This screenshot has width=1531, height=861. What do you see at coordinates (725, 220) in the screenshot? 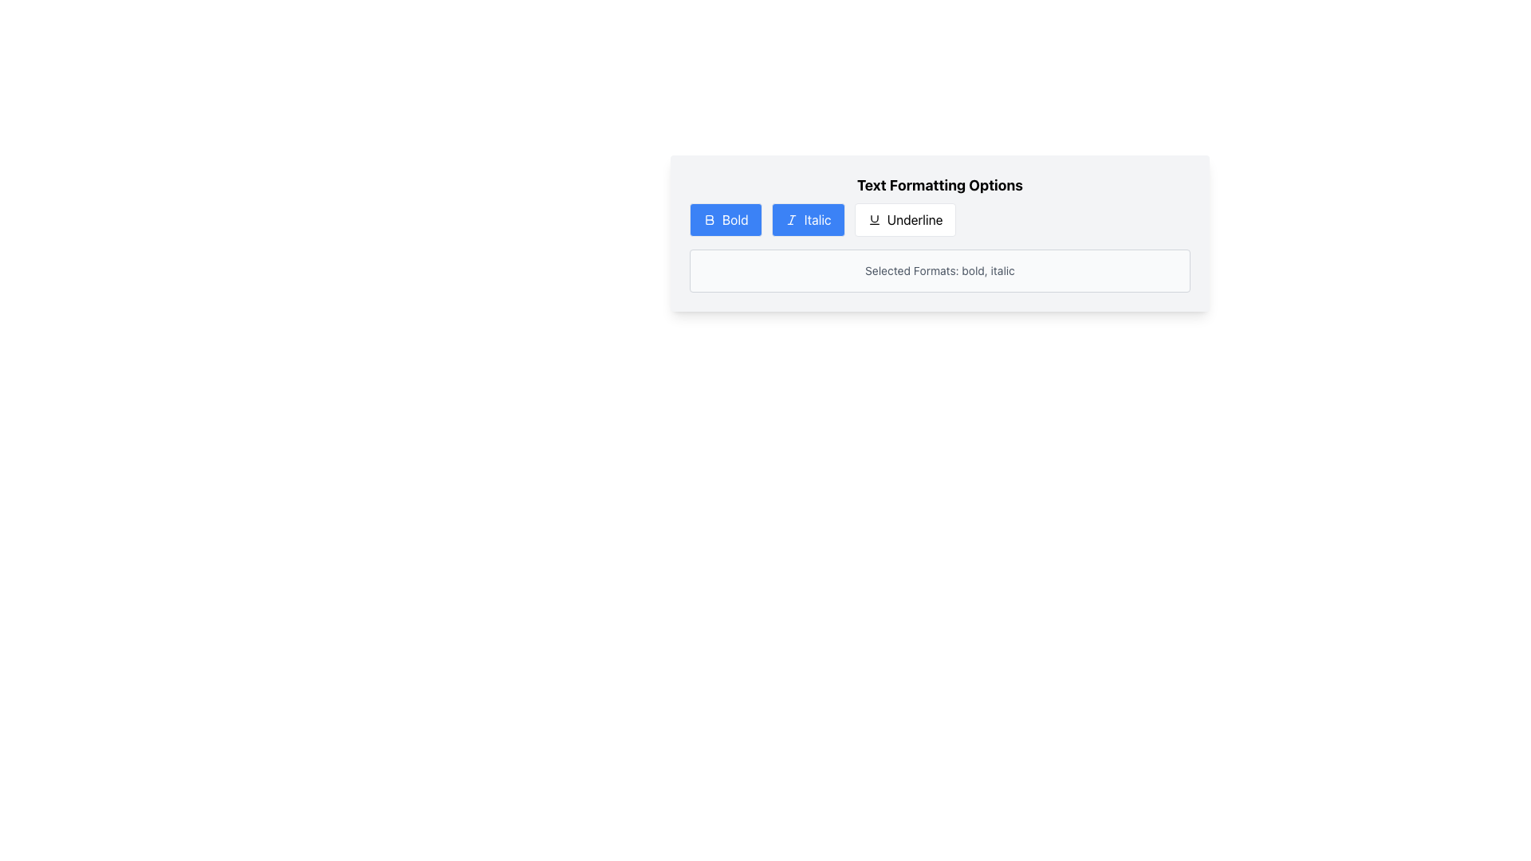
I see `the 'Bold' button in the top-left portion of the toolbar` at bounding box center [725, 220].